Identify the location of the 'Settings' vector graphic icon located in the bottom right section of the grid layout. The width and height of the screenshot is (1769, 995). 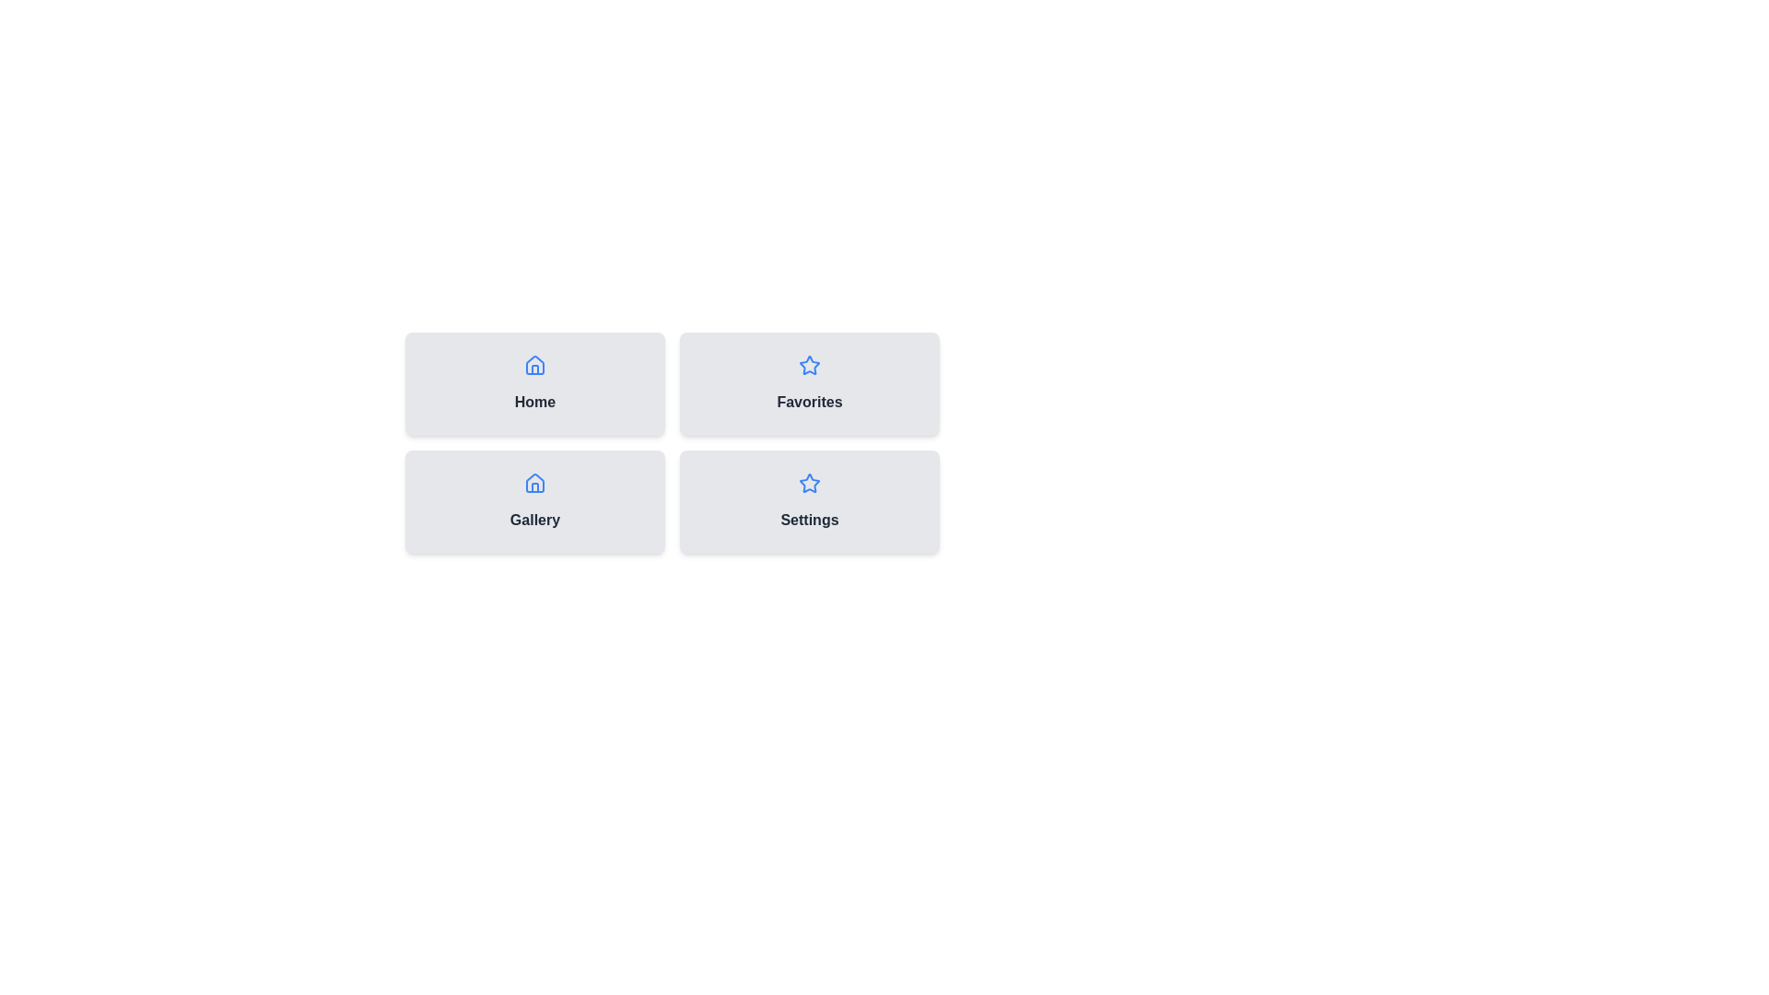
(809, 365).